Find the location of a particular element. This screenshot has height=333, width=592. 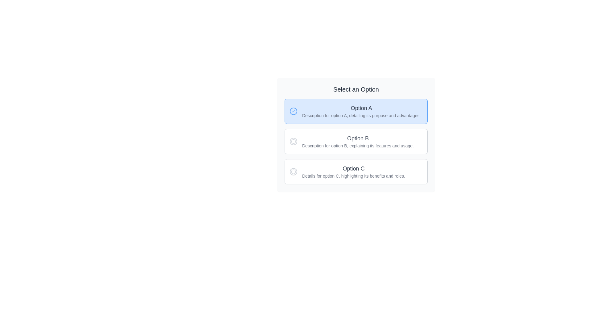

the radio button next to the Option B label is located at coordinates (293, 142).